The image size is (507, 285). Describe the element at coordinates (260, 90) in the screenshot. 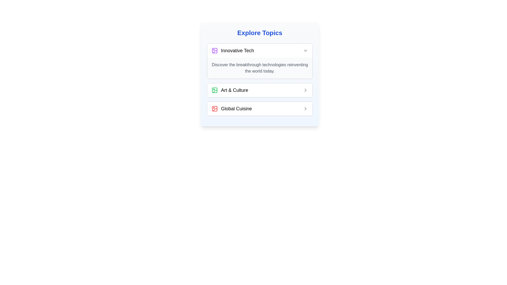

I see `the 'Art & Culture' button located in the middle of the 'Explore Topics' panel, which is the second selectable option between 'Innovative Tech' and 'Global Cuisine'` at that location.